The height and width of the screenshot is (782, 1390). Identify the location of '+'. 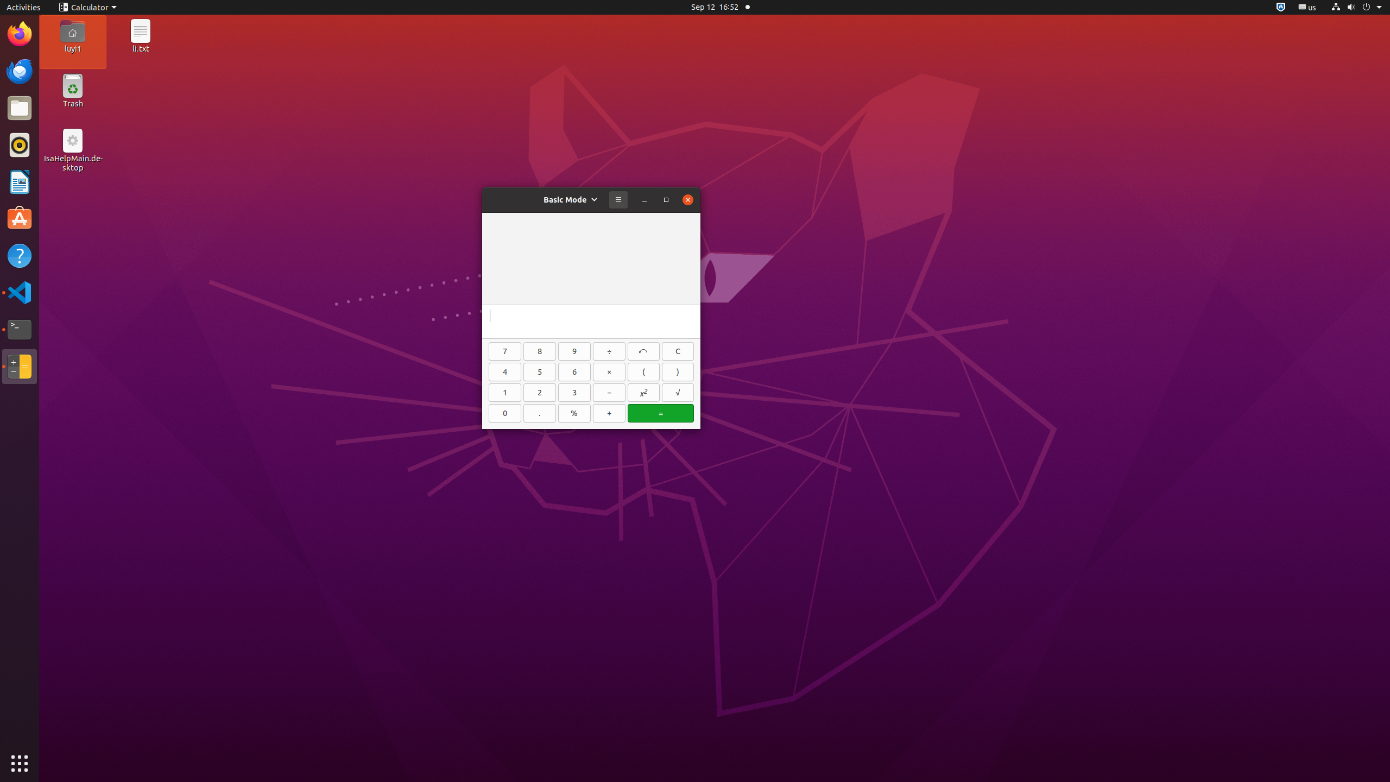
(609, 413).